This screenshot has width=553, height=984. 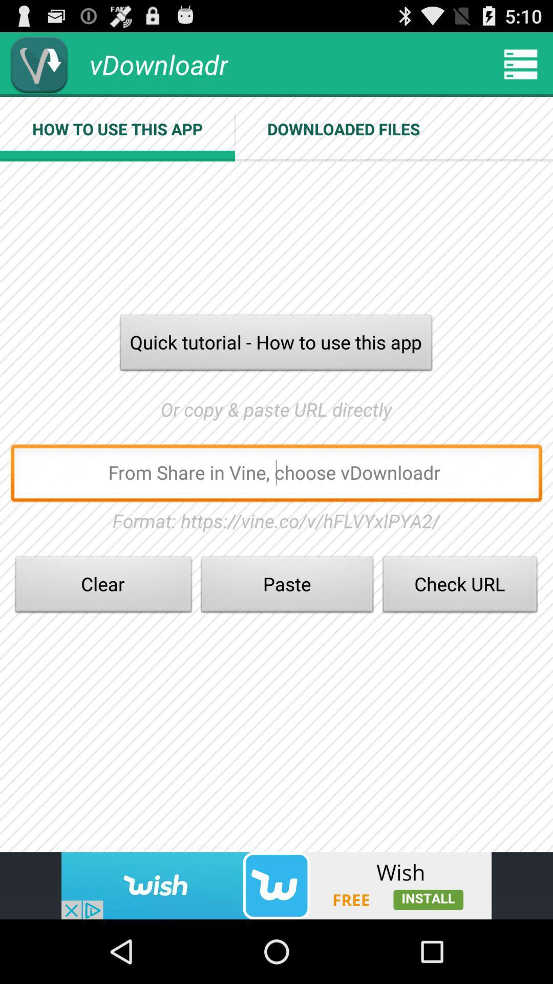 What do you see at coordinates (38, 64) in the screenshot?
I see `download option` at bounding box center [38, 64].